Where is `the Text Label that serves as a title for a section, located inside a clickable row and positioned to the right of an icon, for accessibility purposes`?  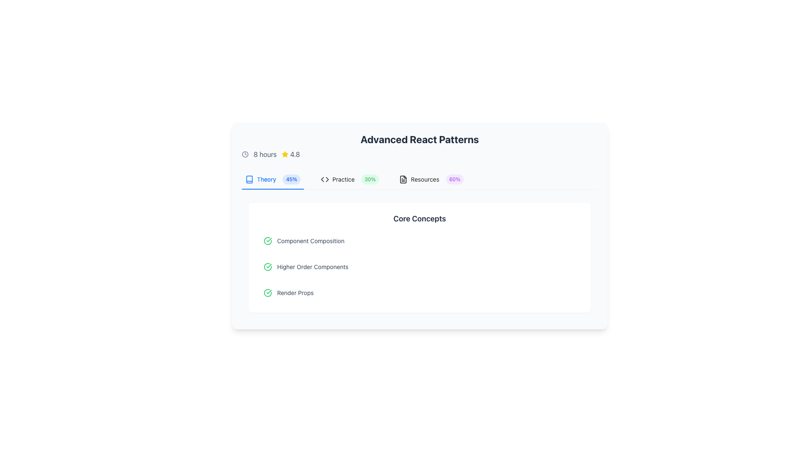
the Text Label that serves as a title for a section, located inside a clickable row and positioned to the right of an icon, for accessibility purposes is located at coordinates (310, 241).